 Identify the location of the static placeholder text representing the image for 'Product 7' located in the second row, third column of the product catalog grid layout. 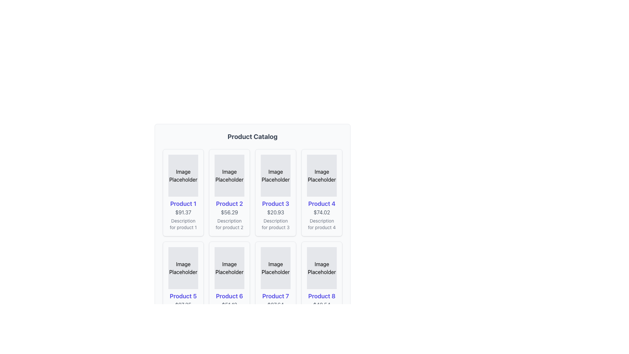
(276, 268).